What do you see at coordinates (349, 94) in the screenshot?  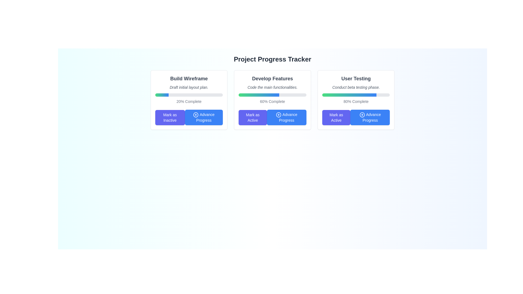 I see `the Gradient Progress Bar that visually represents 80% completion within the 'User Testing' card layout` at bounding box center [349, 94].